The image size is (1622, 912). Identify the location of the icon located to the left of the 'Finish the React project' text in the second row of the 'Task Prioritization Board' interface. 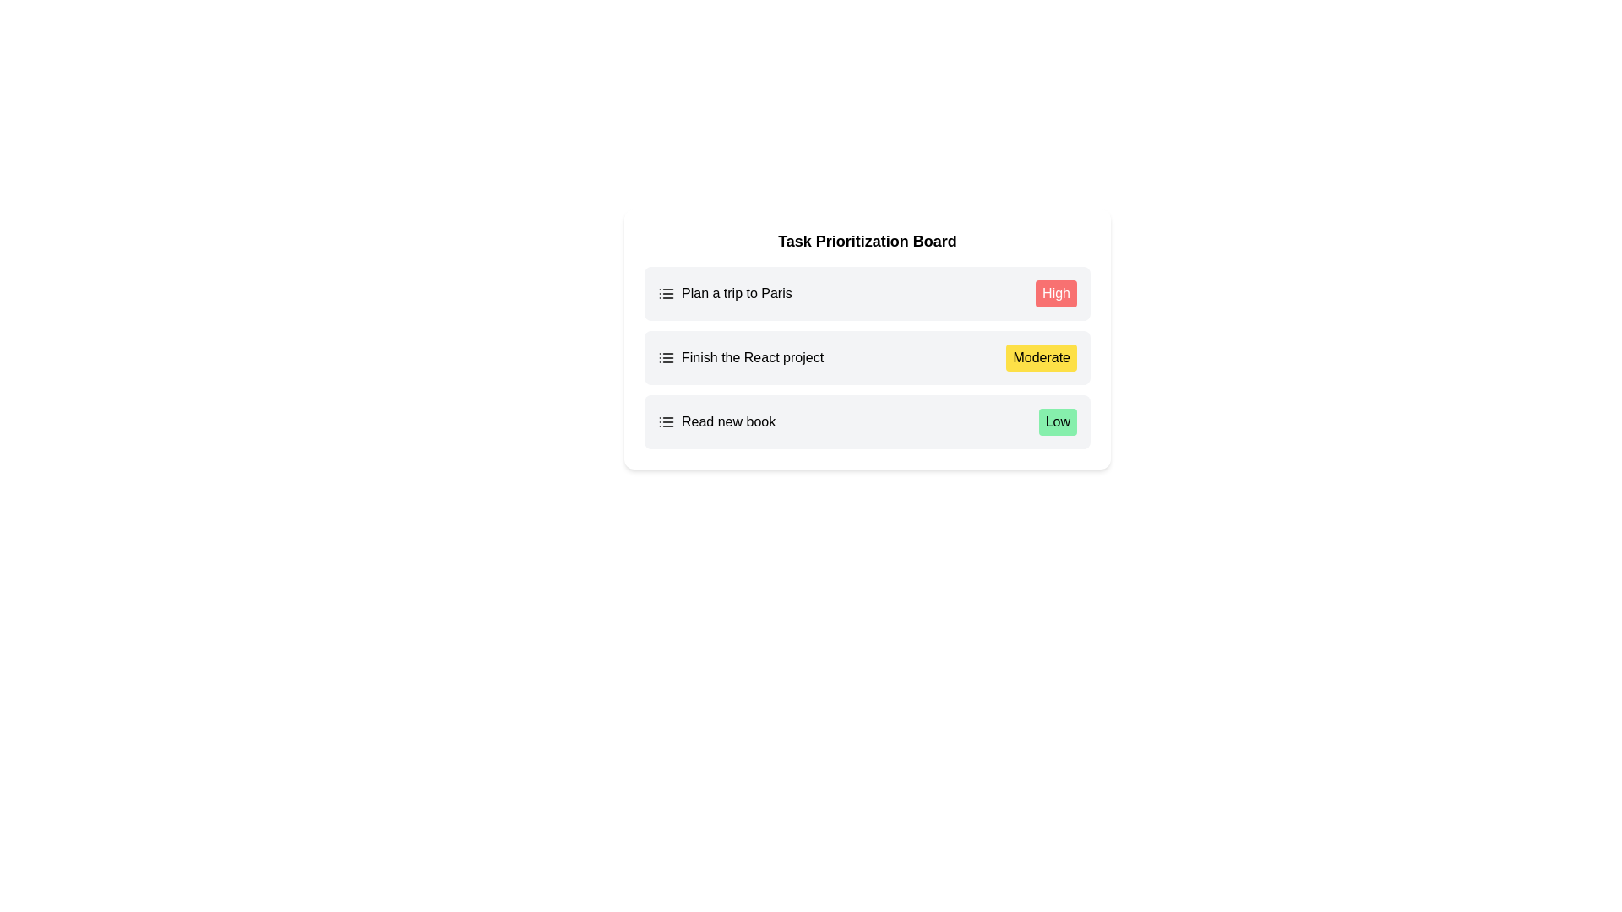
(665, 357).